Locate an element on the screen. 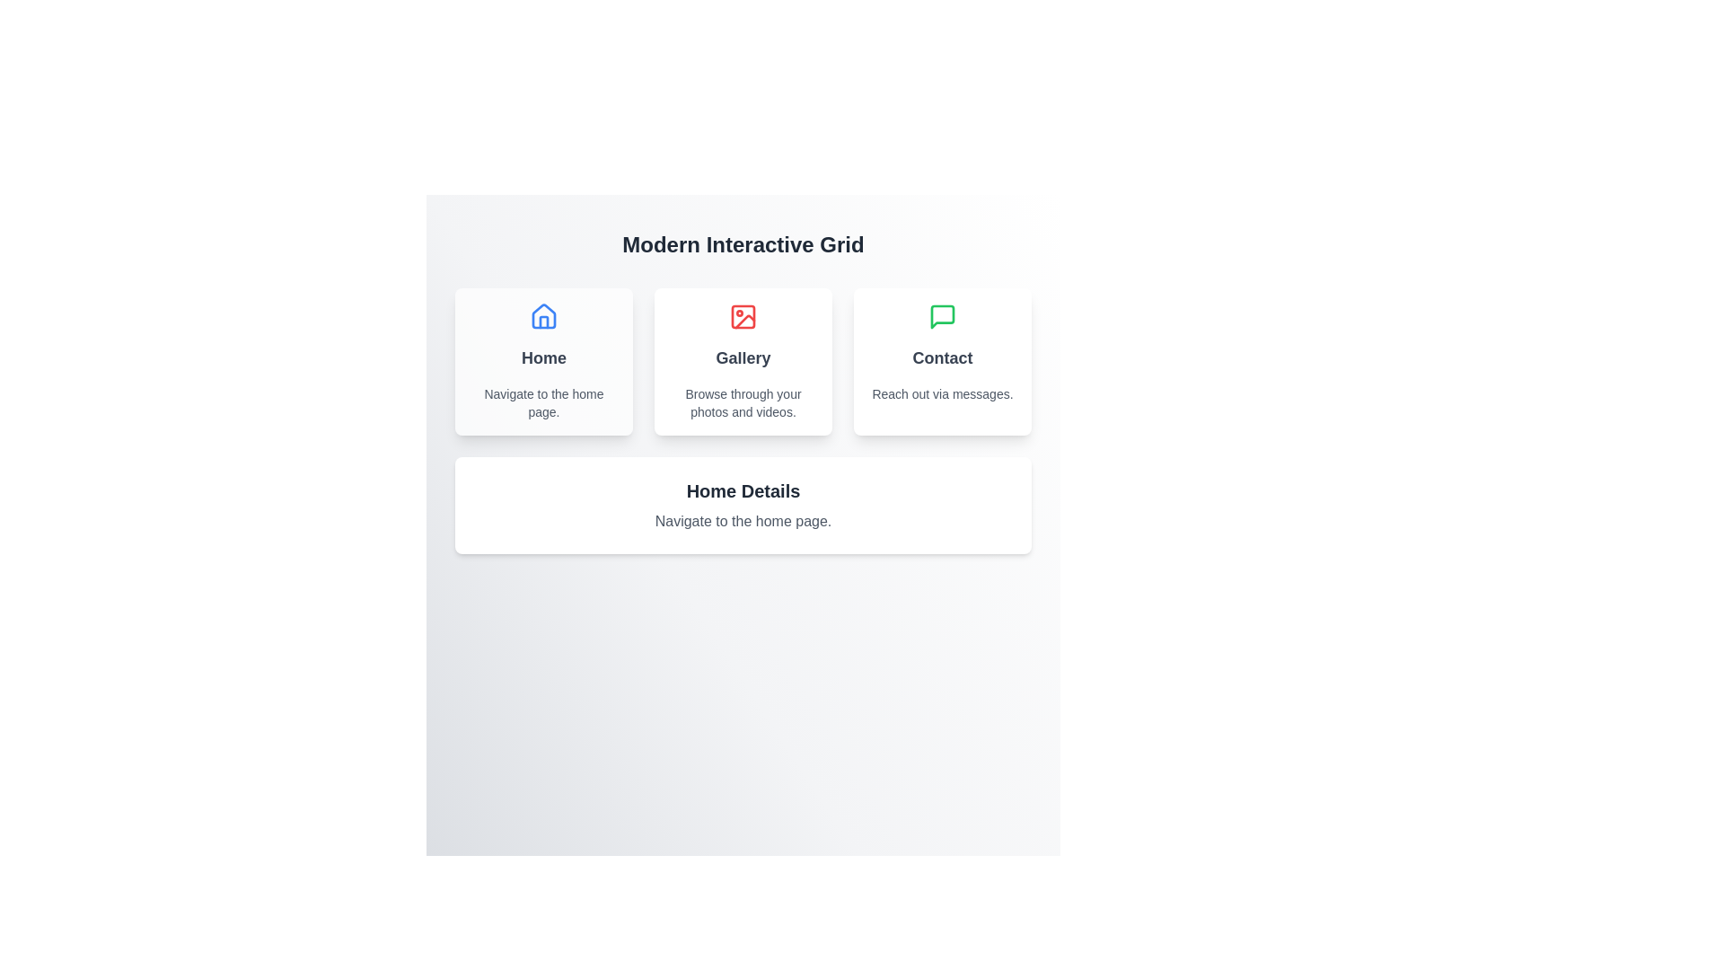  the static text element that displays 'Navigate to the home page.' in a small, gray font, located within the lower part of the 'Home' card is located at coordinates (542, 401).